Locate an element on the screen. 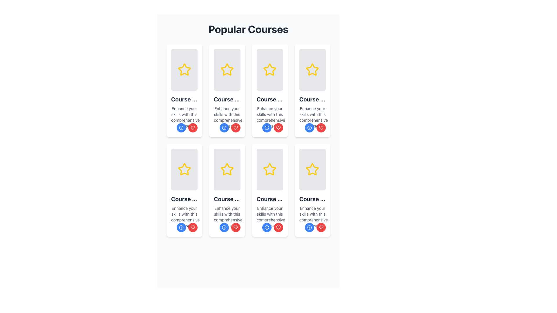  the circular blue button with a white border and information icon located at the bottom-right corner of the course card is located at coordinates (224, 227).